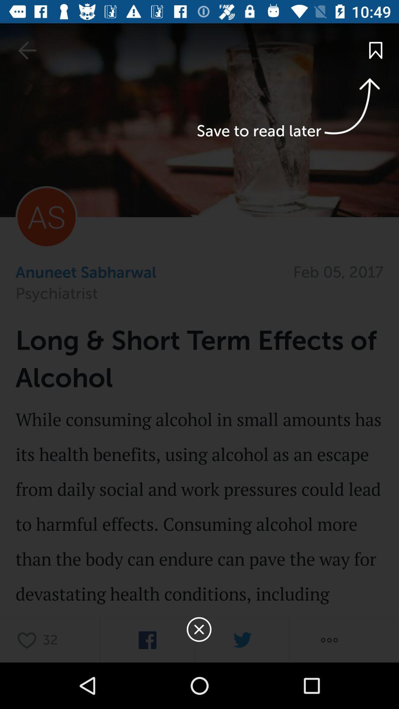 The width and height of the screenshot is (399, 709). Describe the element at coordinates (28, 640) in the screenshot. I see `favorites` at that location.